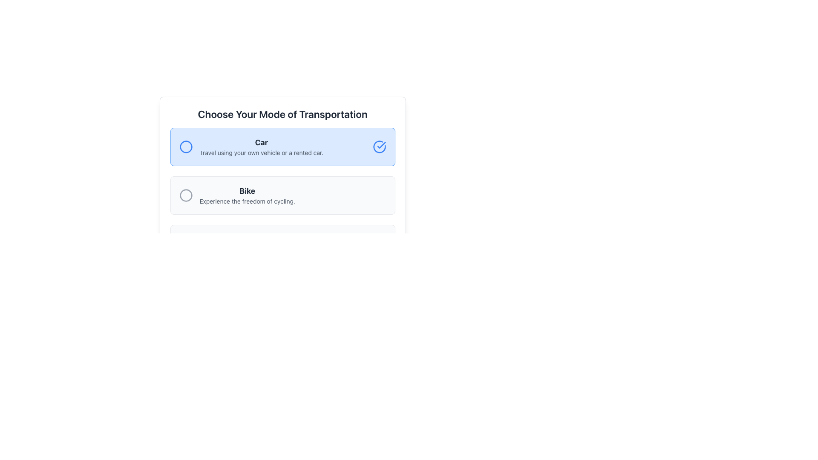  What do you see at coordinates (261, 152) in the screenshot?
I see `the text block containing 'Travel using your own vehicle or a rented car.', which is styled with a small font size and gray coloring, located below the bold title 'Car' in the blue selection box` at bounding box center [261, 152].